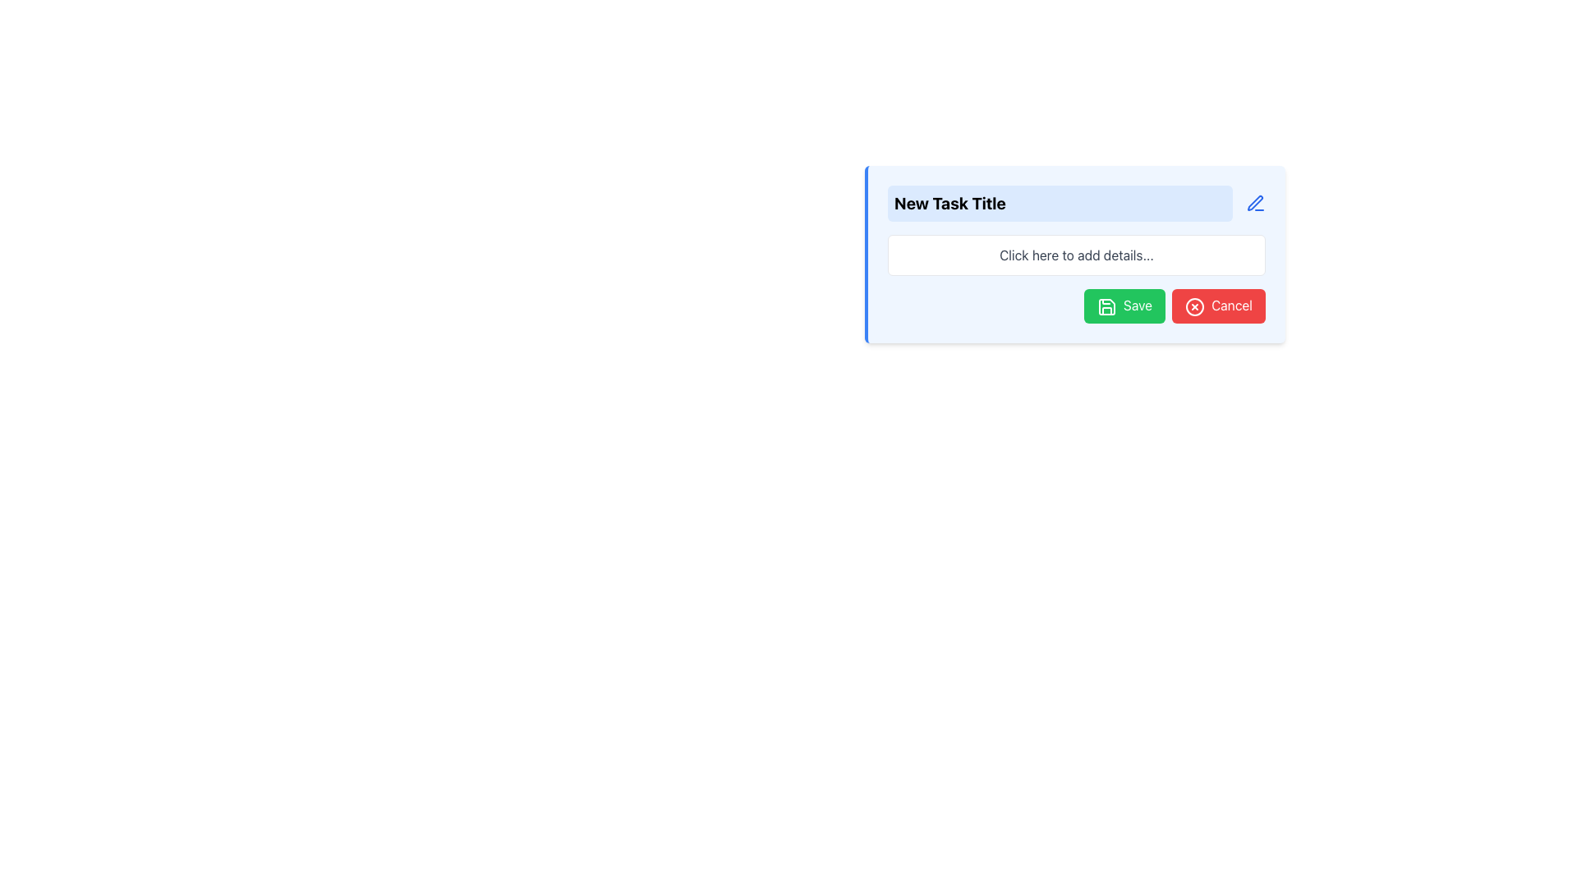  What do you see at coordinates (1255, 202) in the screenshot?
I see `the blue pen icon button located near the right edge of the light blue title bar labeled 'New Task Title'` at bounding box center [1255, 202].